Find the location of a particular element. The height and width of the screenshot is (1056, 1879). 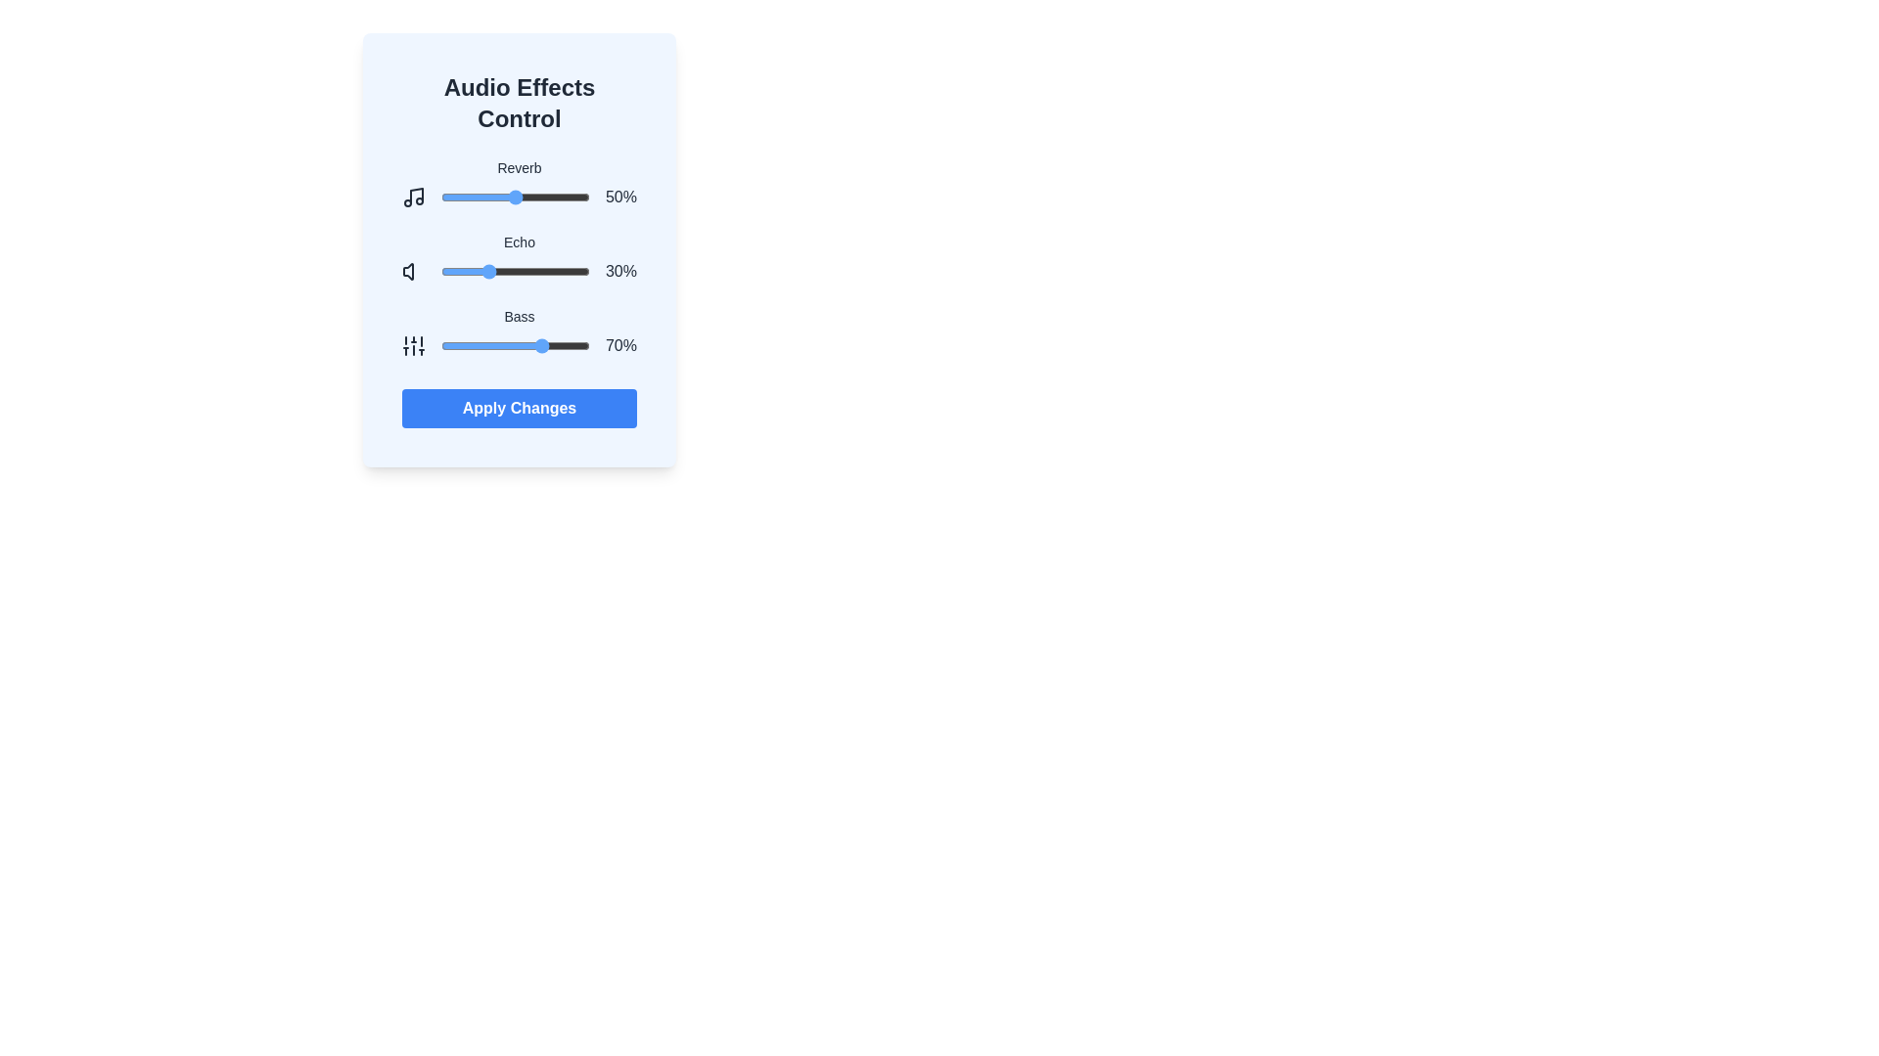

the bass level is located at coordinates (447, 345).